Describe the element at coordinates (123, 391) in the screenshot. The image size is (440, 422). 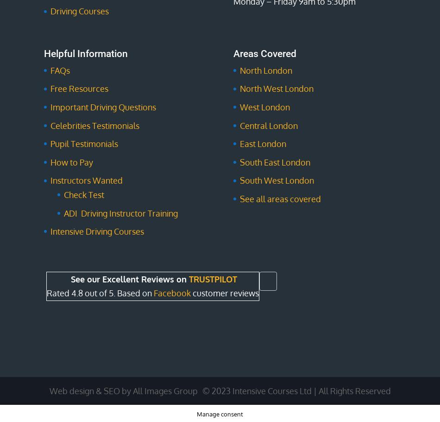
I see `'Web design & SEO by All Images Group'` at that location.